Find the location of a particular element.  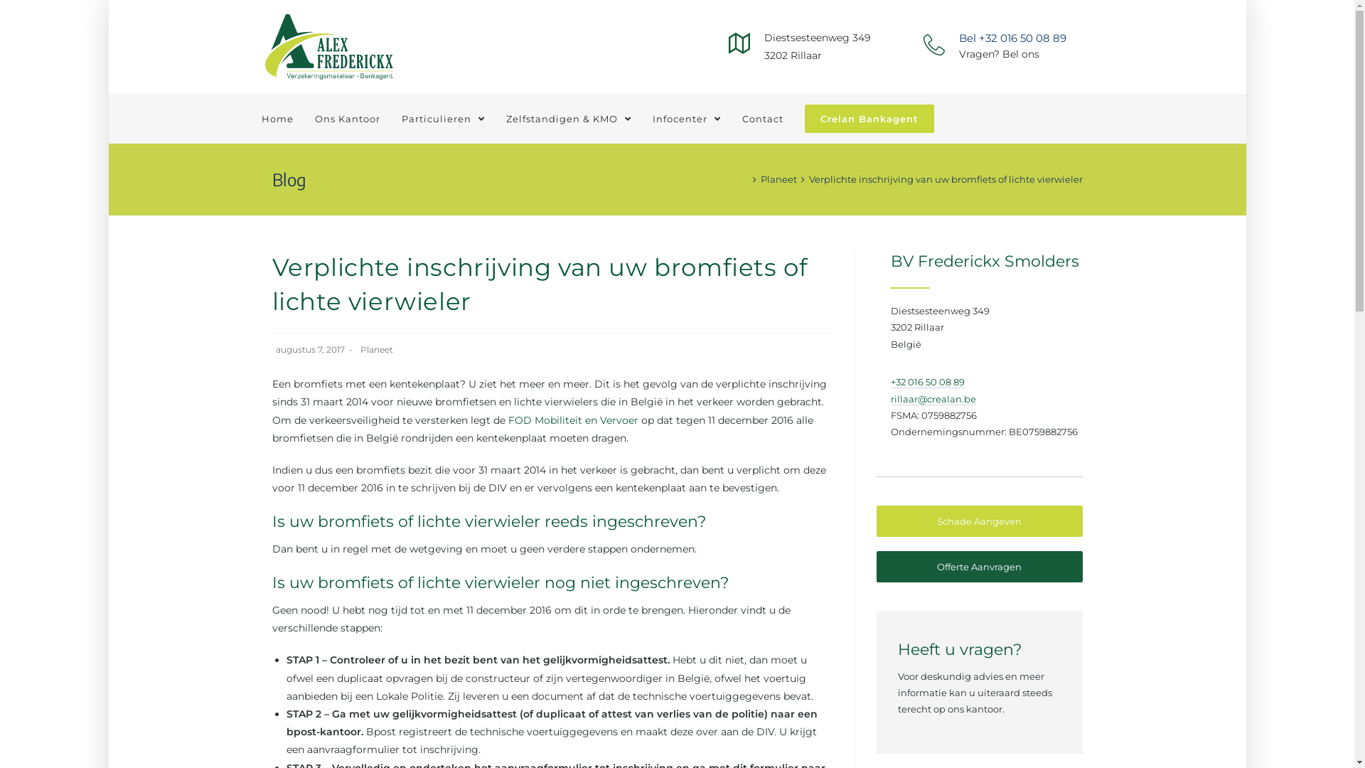

'Infocenter' is located at coordinates (685, 117).